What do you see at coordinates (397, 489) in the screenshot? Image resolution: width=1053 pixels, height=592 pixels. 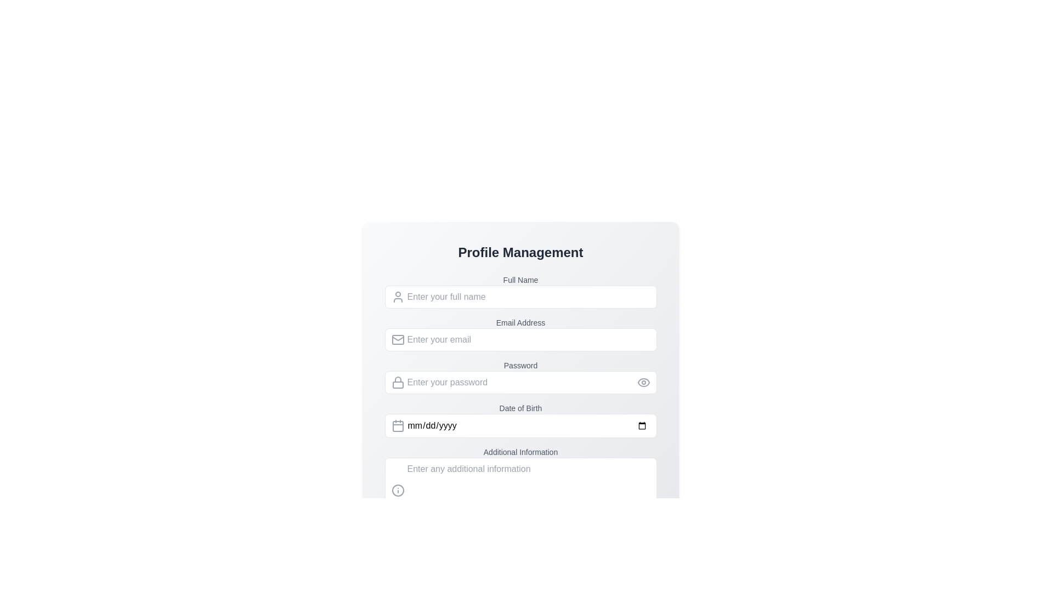 I see `the gray circular Informational Icon located in the 'Additional Information' section` at bounding box center [397, 489].